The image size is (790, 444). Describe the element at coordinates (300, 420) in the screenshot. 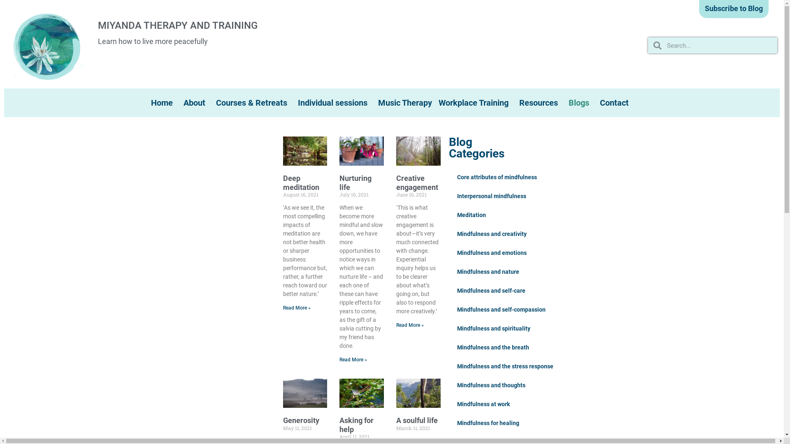

I see `'Generosity'` at that location.